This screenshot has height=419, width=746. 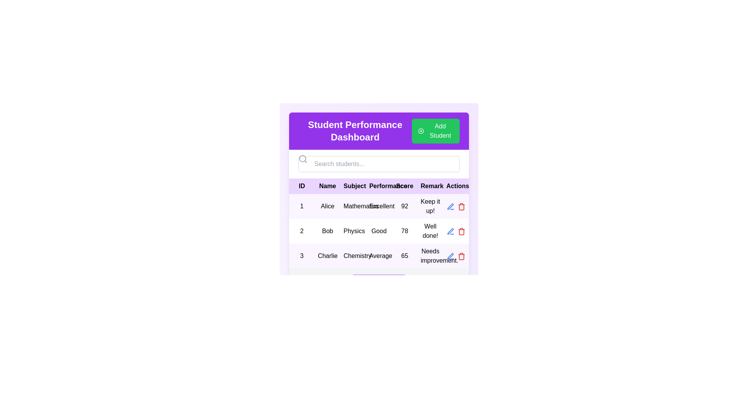 I want to click on the pen-shaped icon button located under the 'Actions' column in the third row of the data table for 'Charlie' to initiate editing, so click(x=450, y=256).